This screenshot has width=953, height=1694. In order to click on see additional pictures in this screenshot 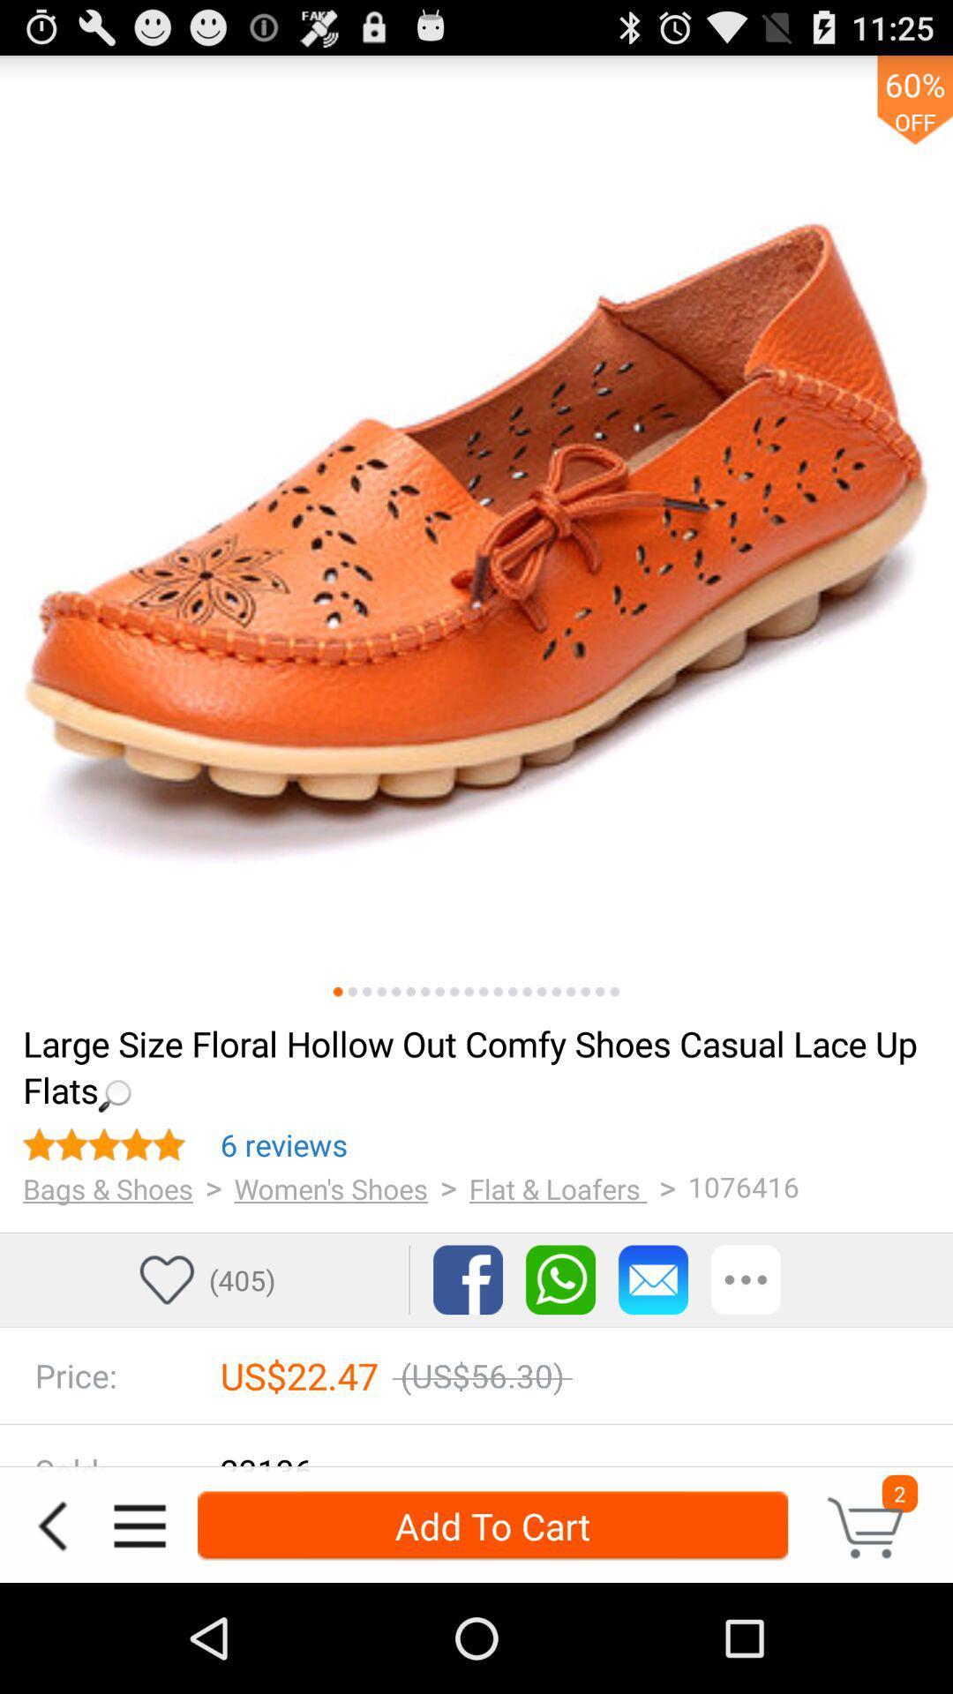, I will do `click(541, 992)`.